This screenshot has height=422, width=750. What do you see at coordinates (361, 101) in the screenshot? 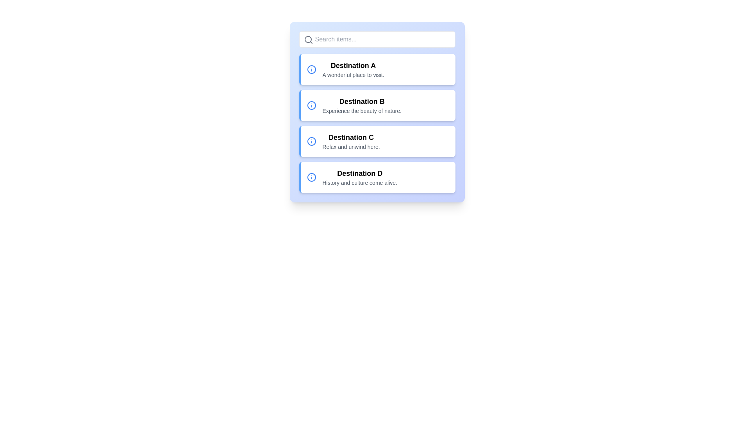
I see `the text label displaying 'Destination B', which is a prominent heading in the second item of a vertically stacked list, positioned above the description 'Experience the beauty of nature'` at bounding box center [361, 101].